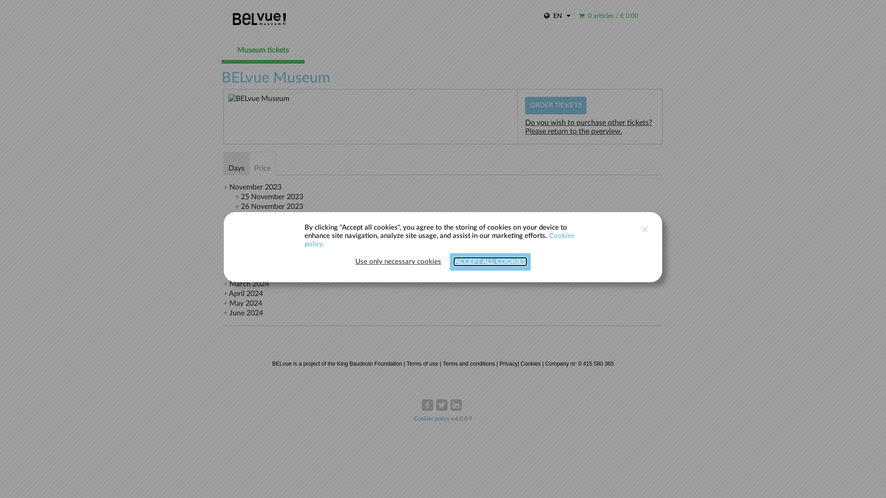 The height and width of the screenshot is (498, 886). What do you see at coordinates (249, 163) in the screenshot?
I see `'Price'` at bounding box center [249, 163].